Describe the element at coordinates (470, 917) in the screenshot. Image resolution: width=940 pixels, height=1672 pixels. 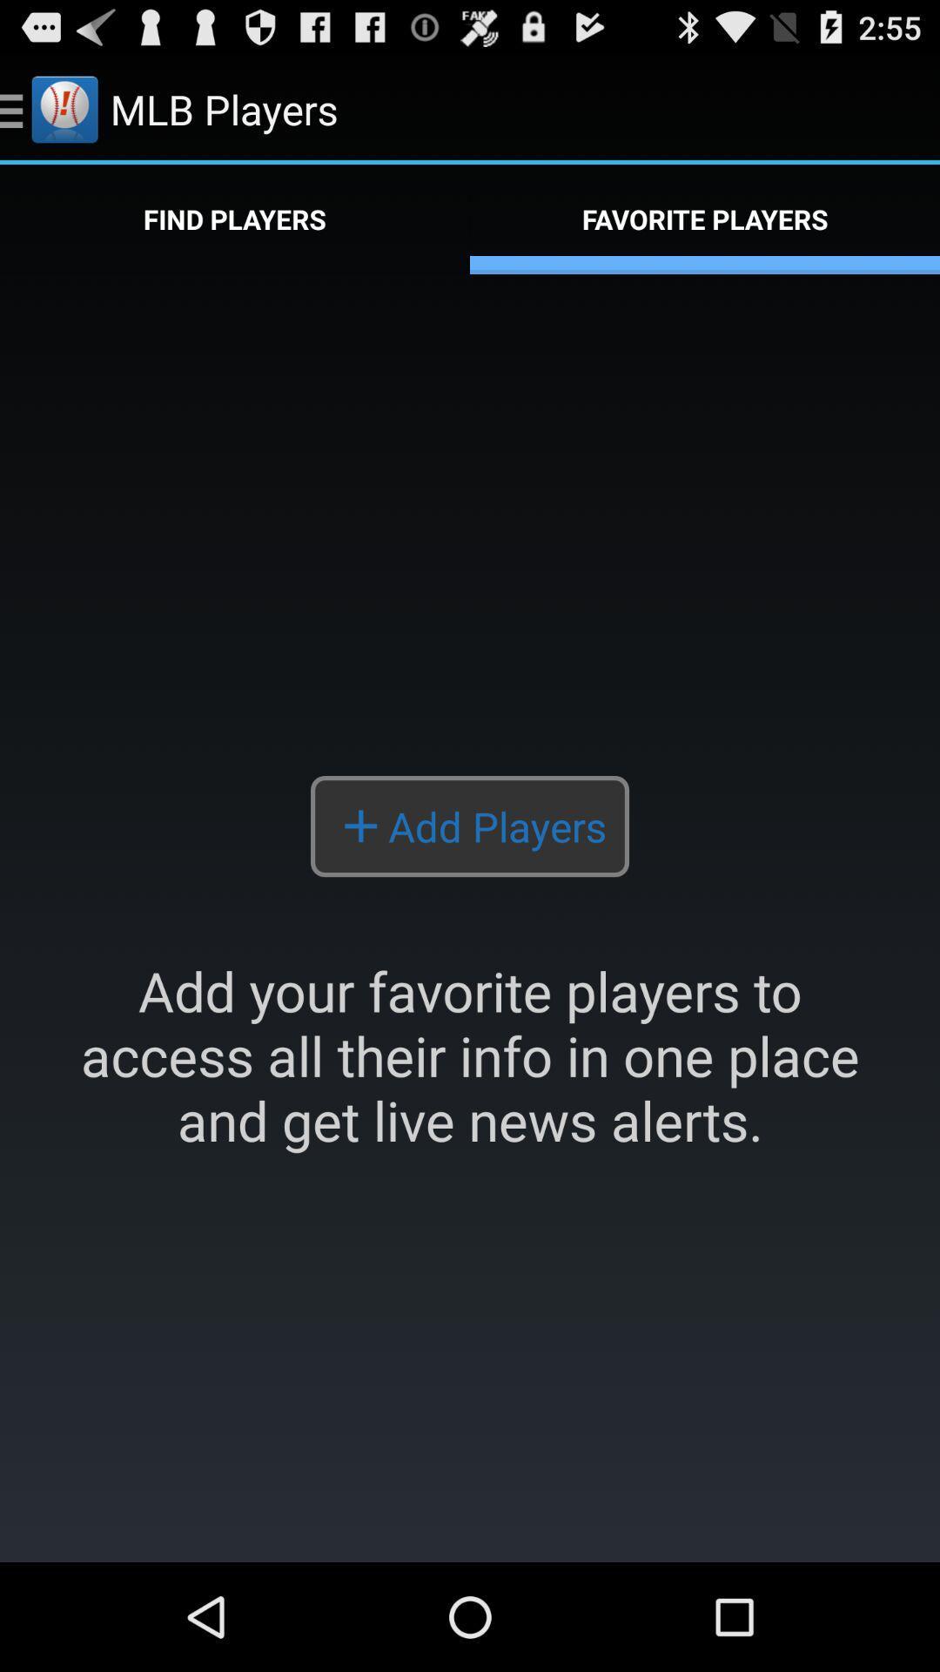
I see `players` at that location.